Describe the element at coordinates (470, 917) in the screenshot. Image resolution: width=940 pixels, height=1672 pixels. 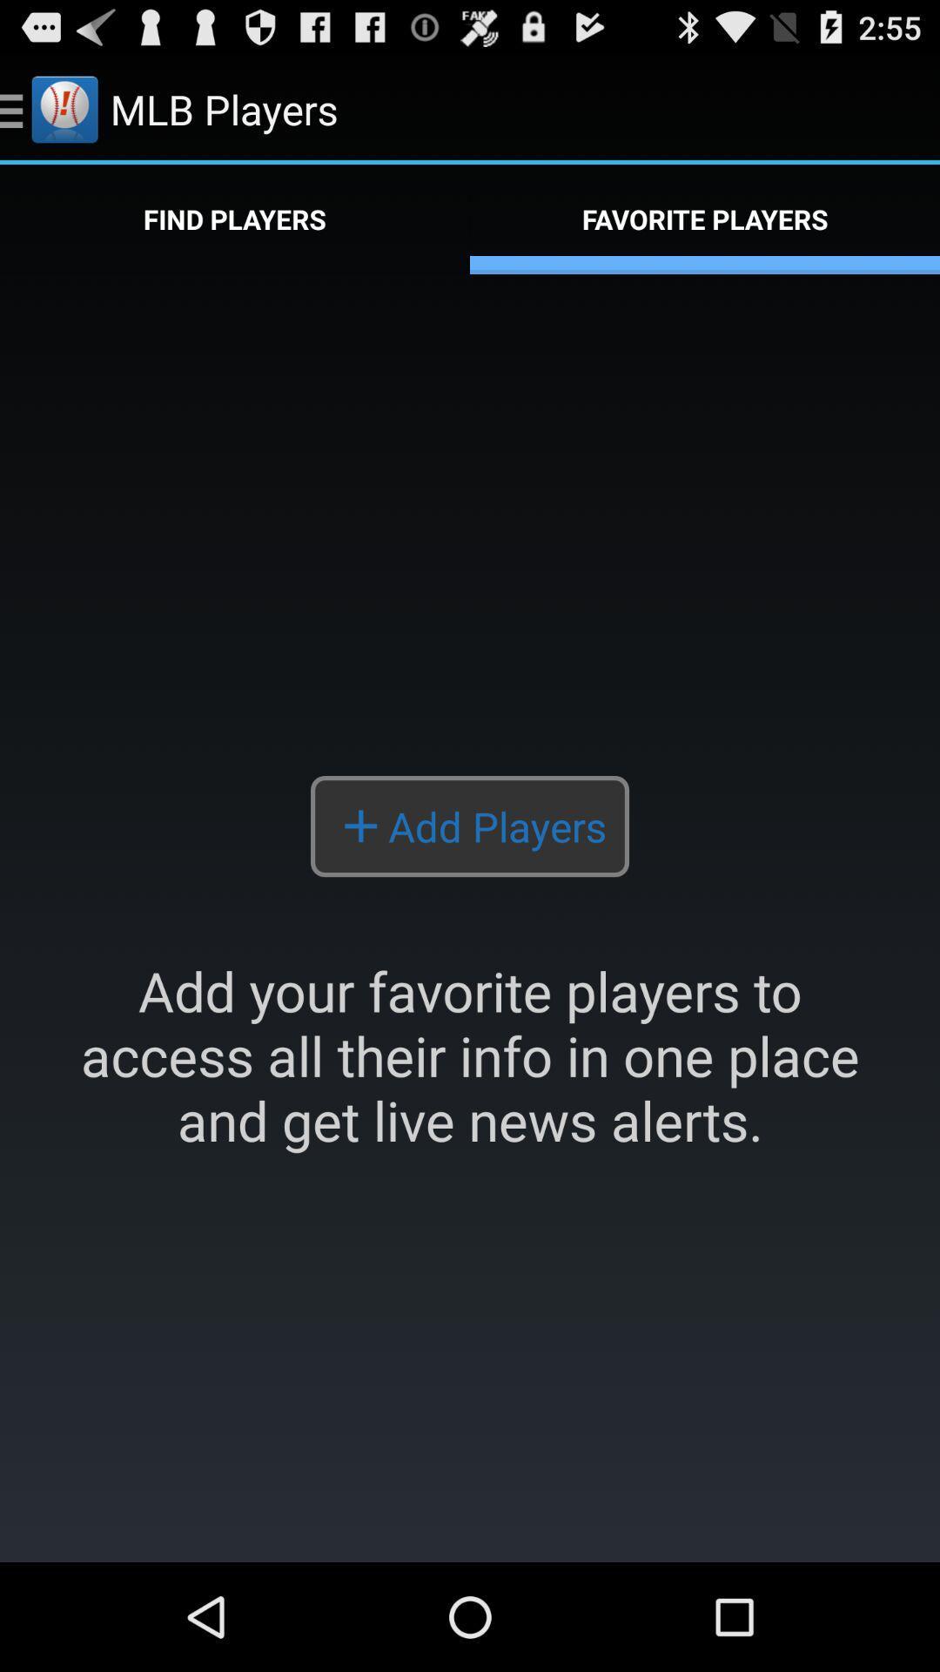
I see `players` at that location.